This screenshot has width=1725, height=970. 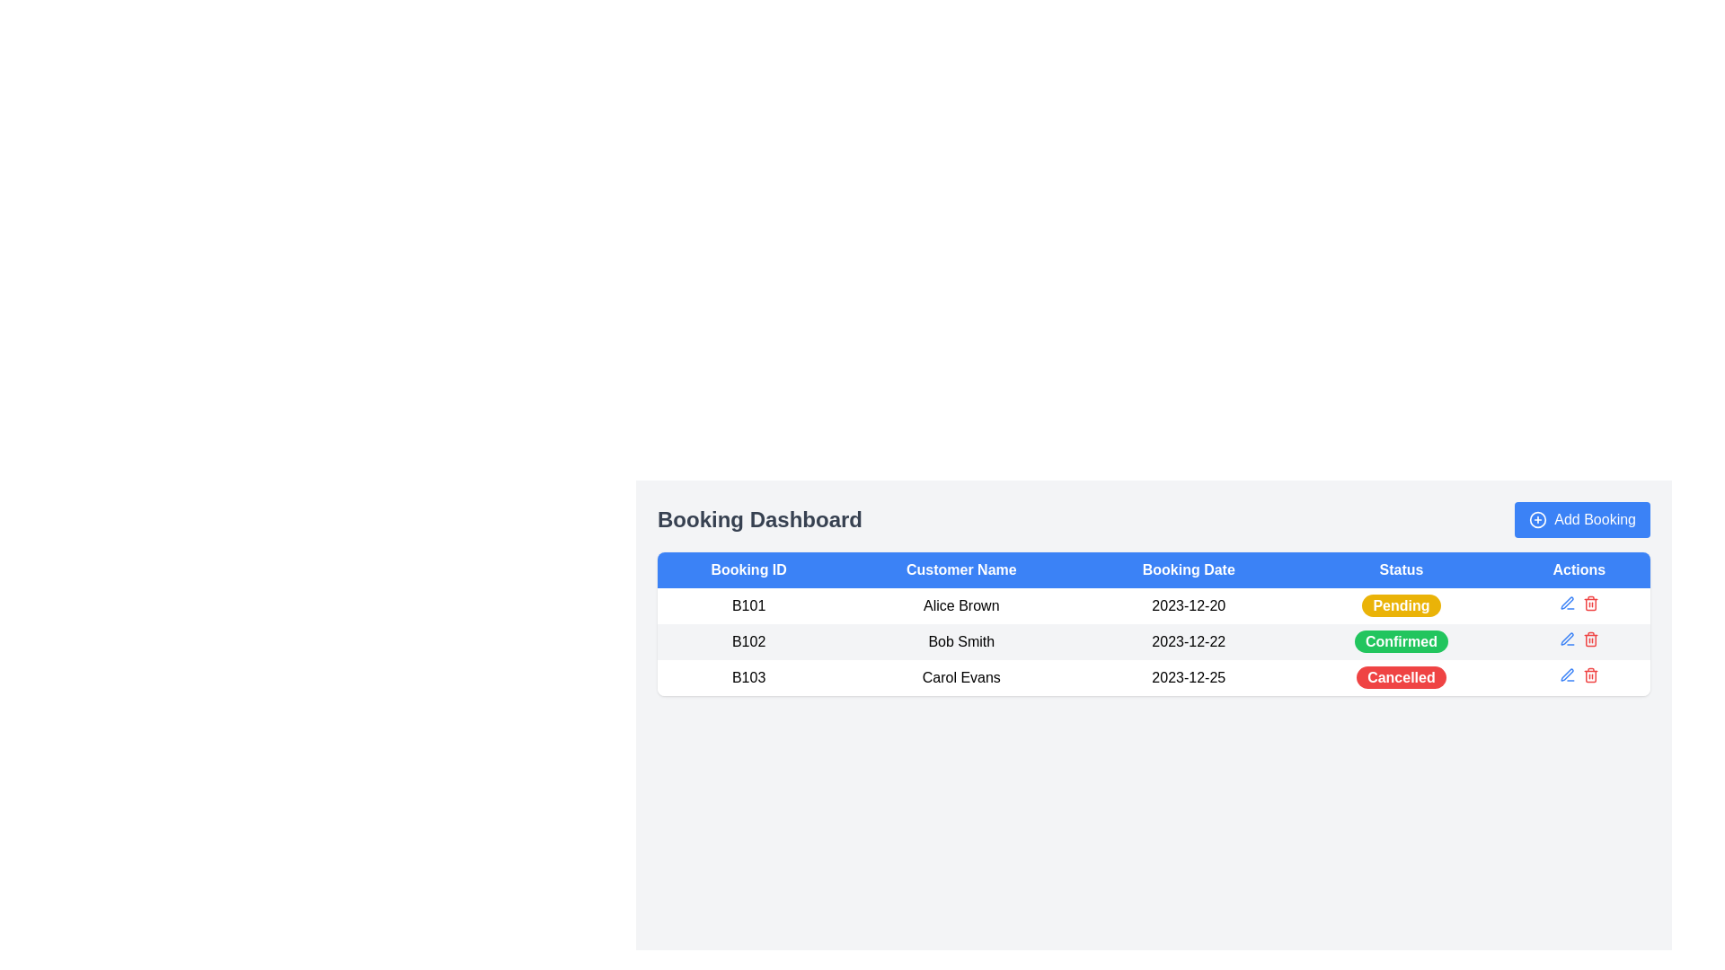 I want to click on the status label indicating that booking 'B102' for 'Bob Smith' has been confirmed, located in the 'Status' column of the second row in the table, so click(x=1401, y=640).